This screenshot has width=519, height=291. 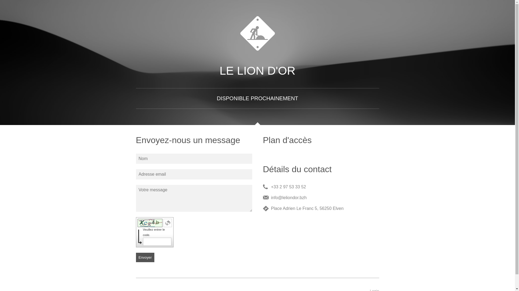 I want to click on 'Envoyer', so click(x=145, y=257).